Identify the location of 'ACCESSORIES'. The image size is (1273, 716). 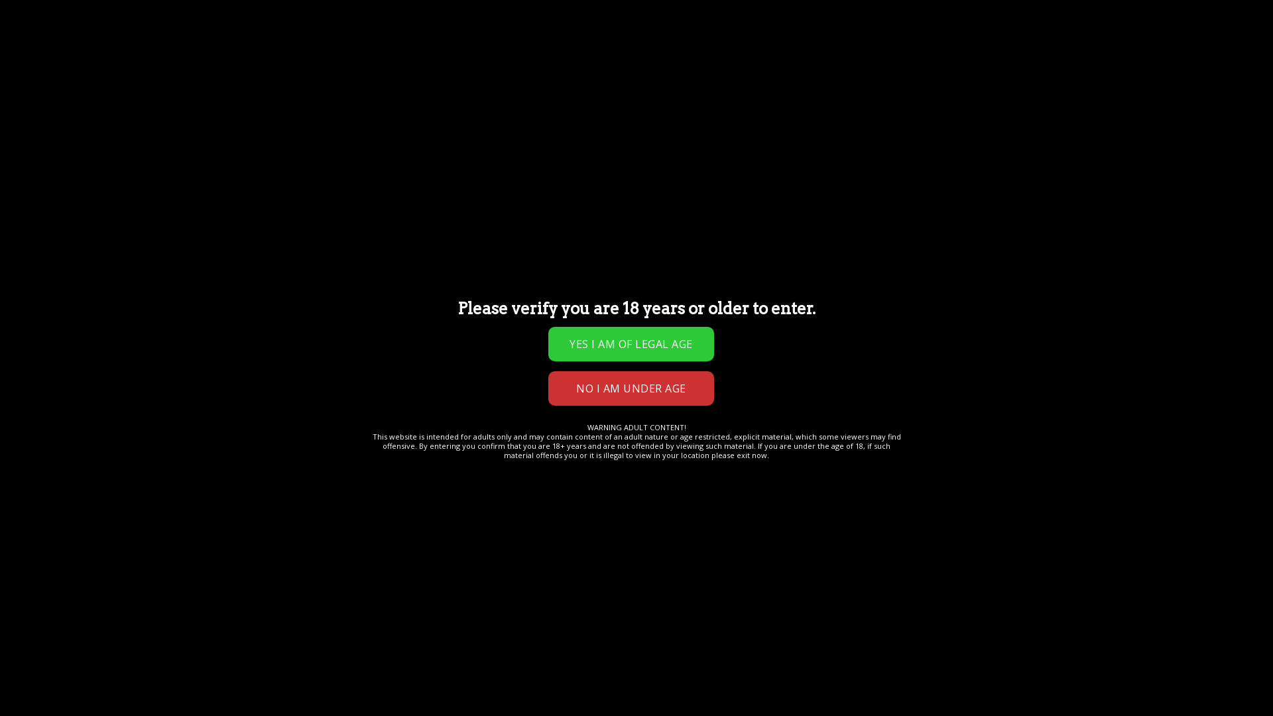
(341, 99).